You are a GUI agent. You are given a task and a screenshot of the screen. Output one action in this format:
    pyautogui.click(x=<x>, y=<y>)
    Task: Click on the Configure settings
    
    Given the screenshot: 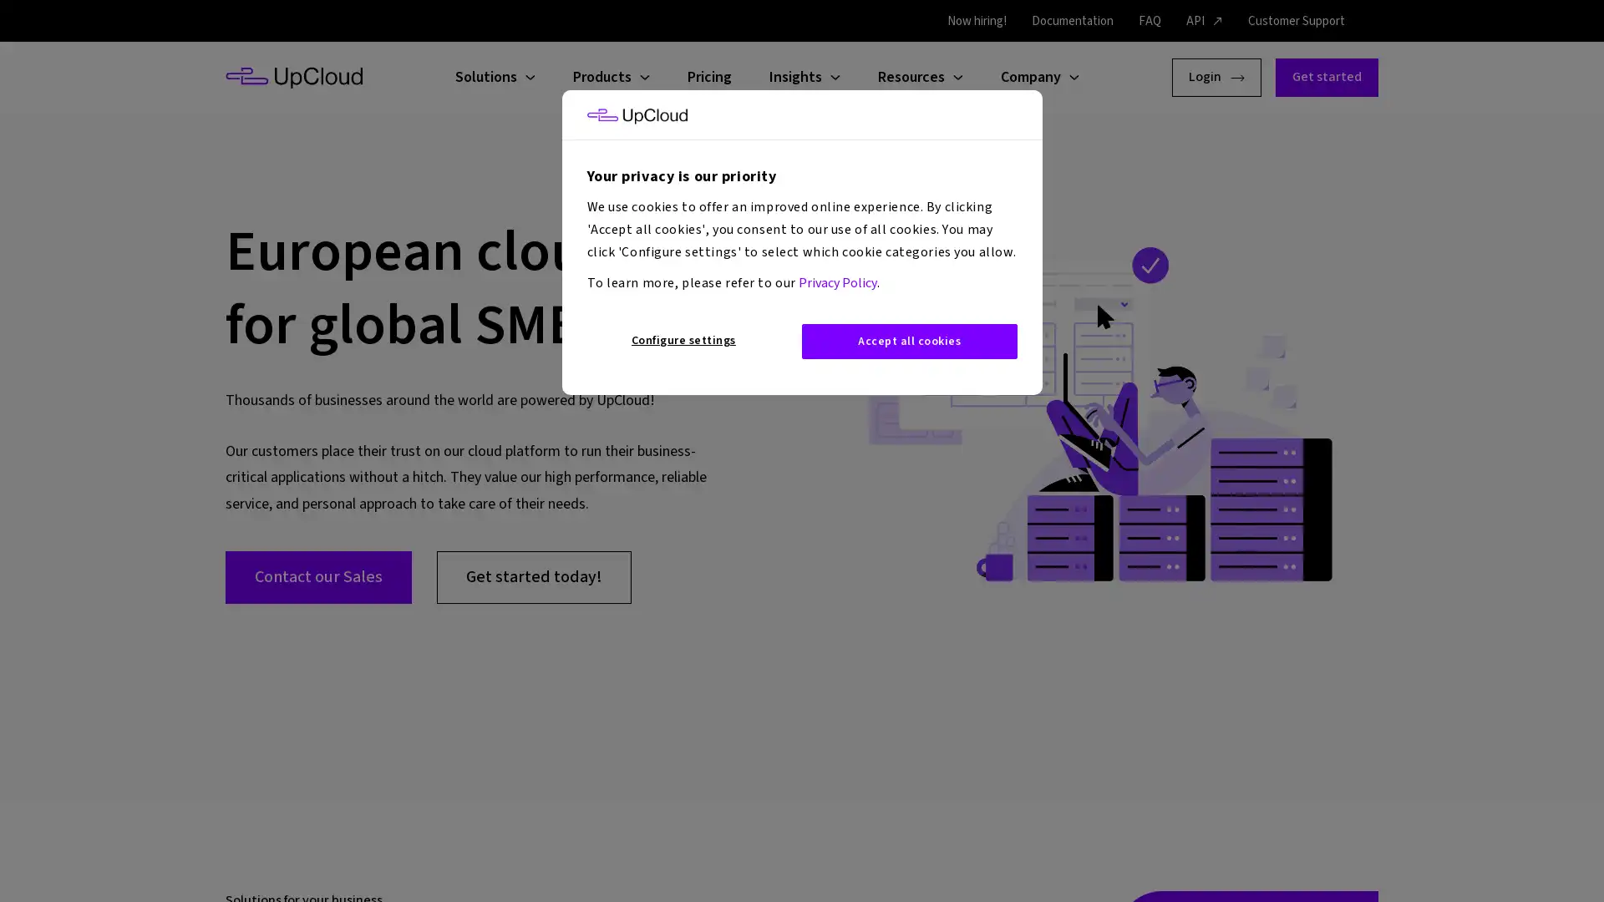 What is the action you would take?
    pyautogui.click(x=683, y=340)
    